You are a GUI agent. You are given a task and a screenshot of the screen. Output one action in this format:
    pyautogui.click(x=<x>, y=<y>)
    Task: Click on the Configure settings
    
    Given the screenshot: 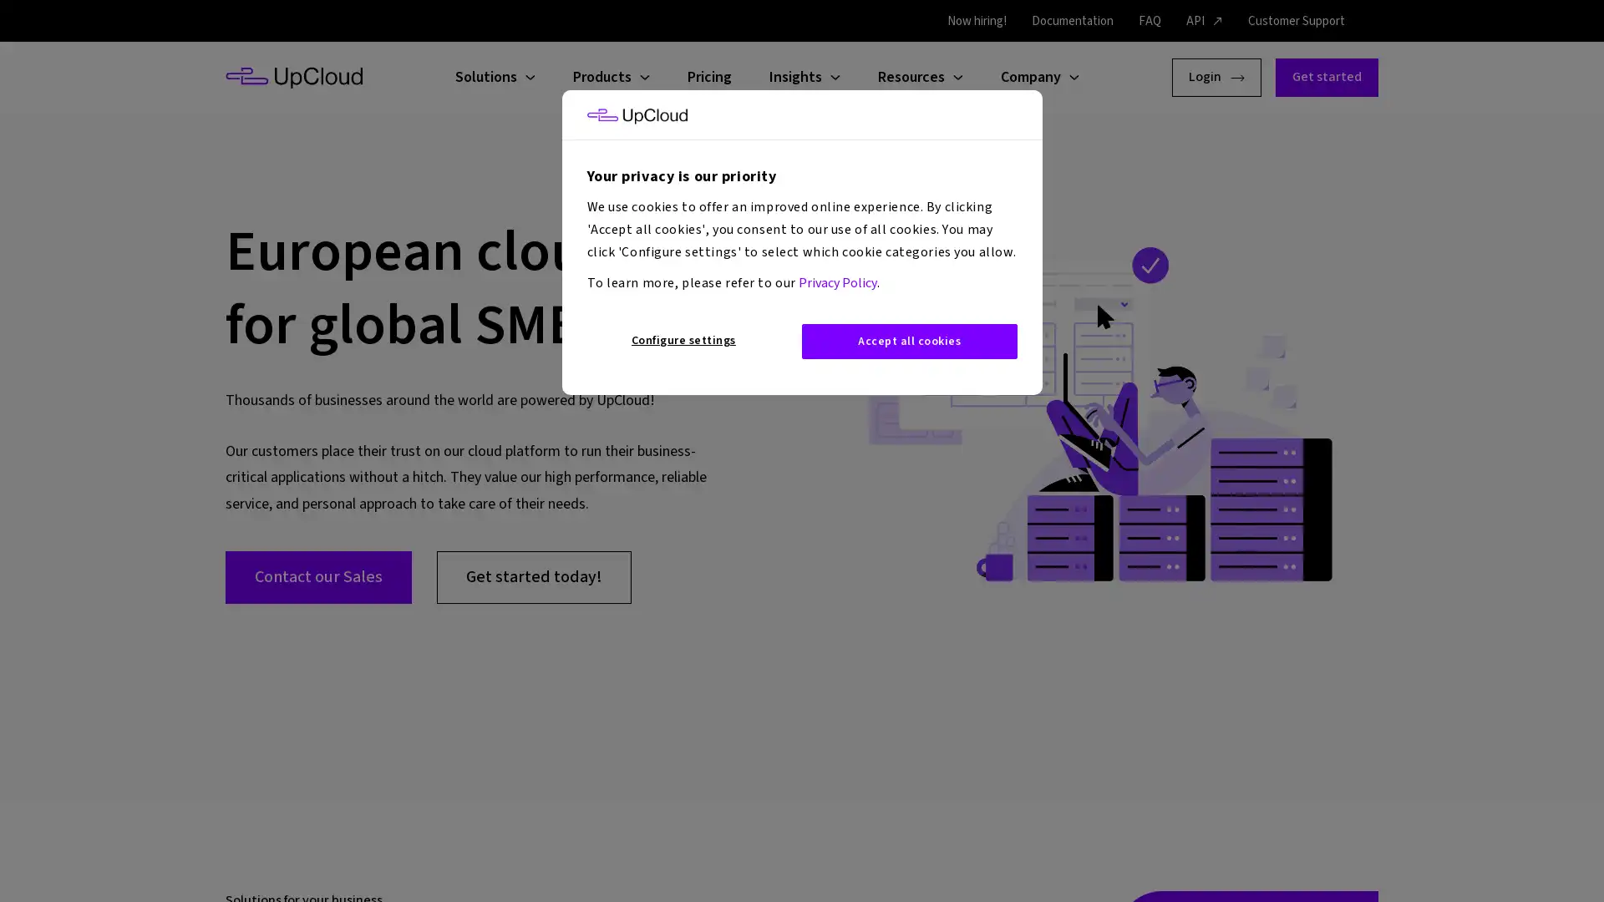 What is the action you would take?
    pyautogui.click(x=683, y=340)
    